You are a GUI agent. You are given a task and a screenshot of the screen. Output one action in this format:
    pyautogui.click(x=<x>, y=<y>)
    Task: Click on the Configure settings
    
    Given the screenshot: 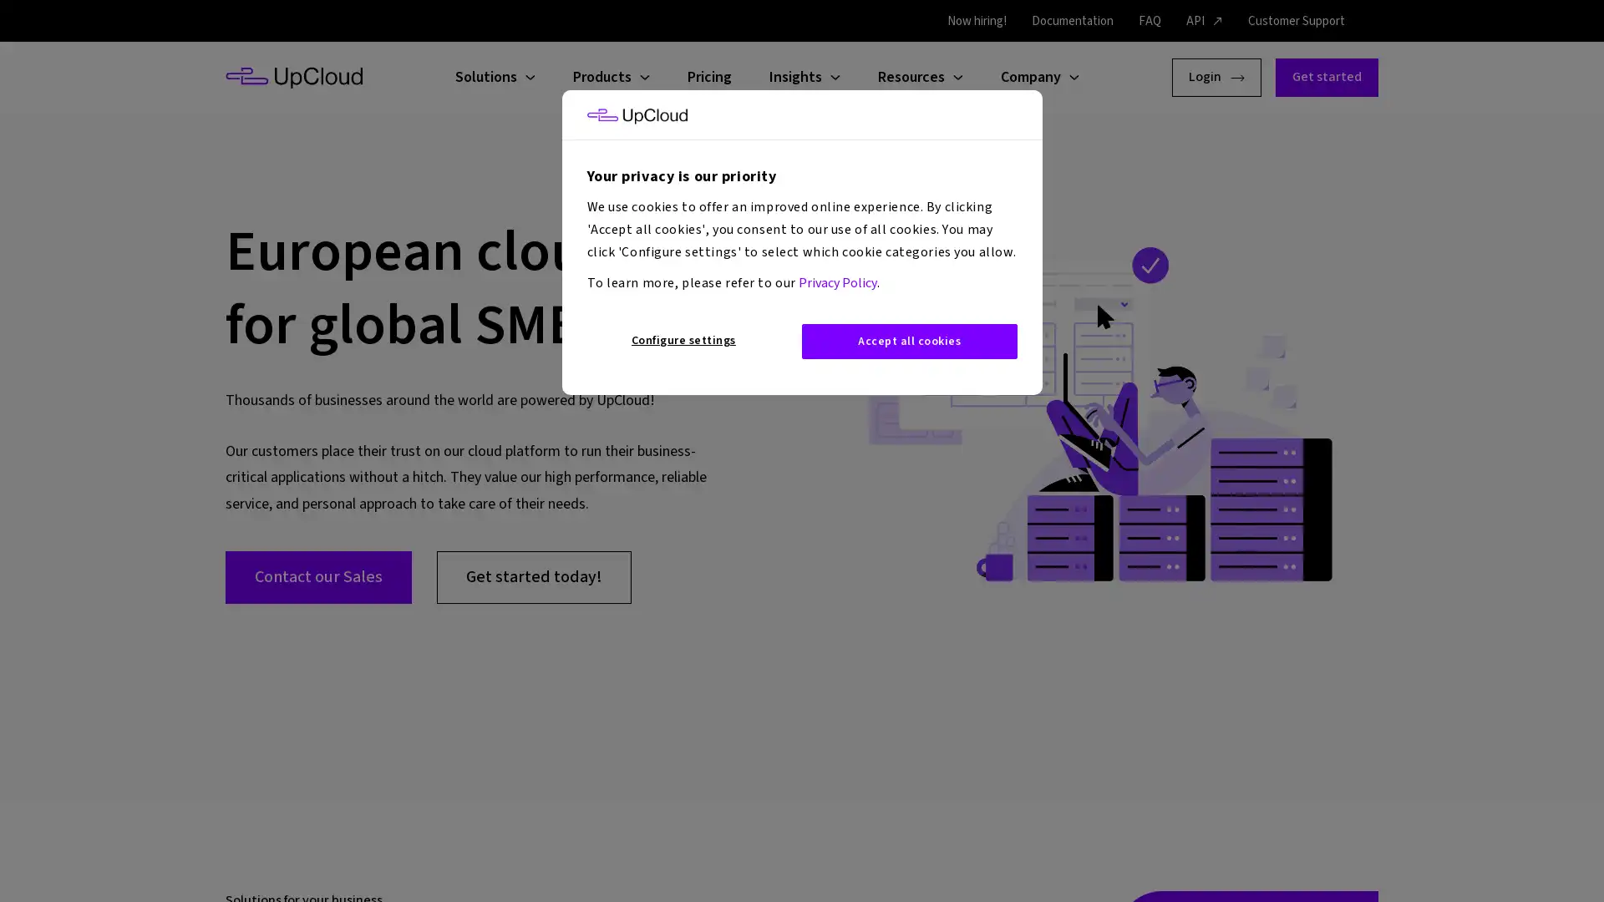 What is the action you would take?
    pyautogui.click(x=683, y=340)
    